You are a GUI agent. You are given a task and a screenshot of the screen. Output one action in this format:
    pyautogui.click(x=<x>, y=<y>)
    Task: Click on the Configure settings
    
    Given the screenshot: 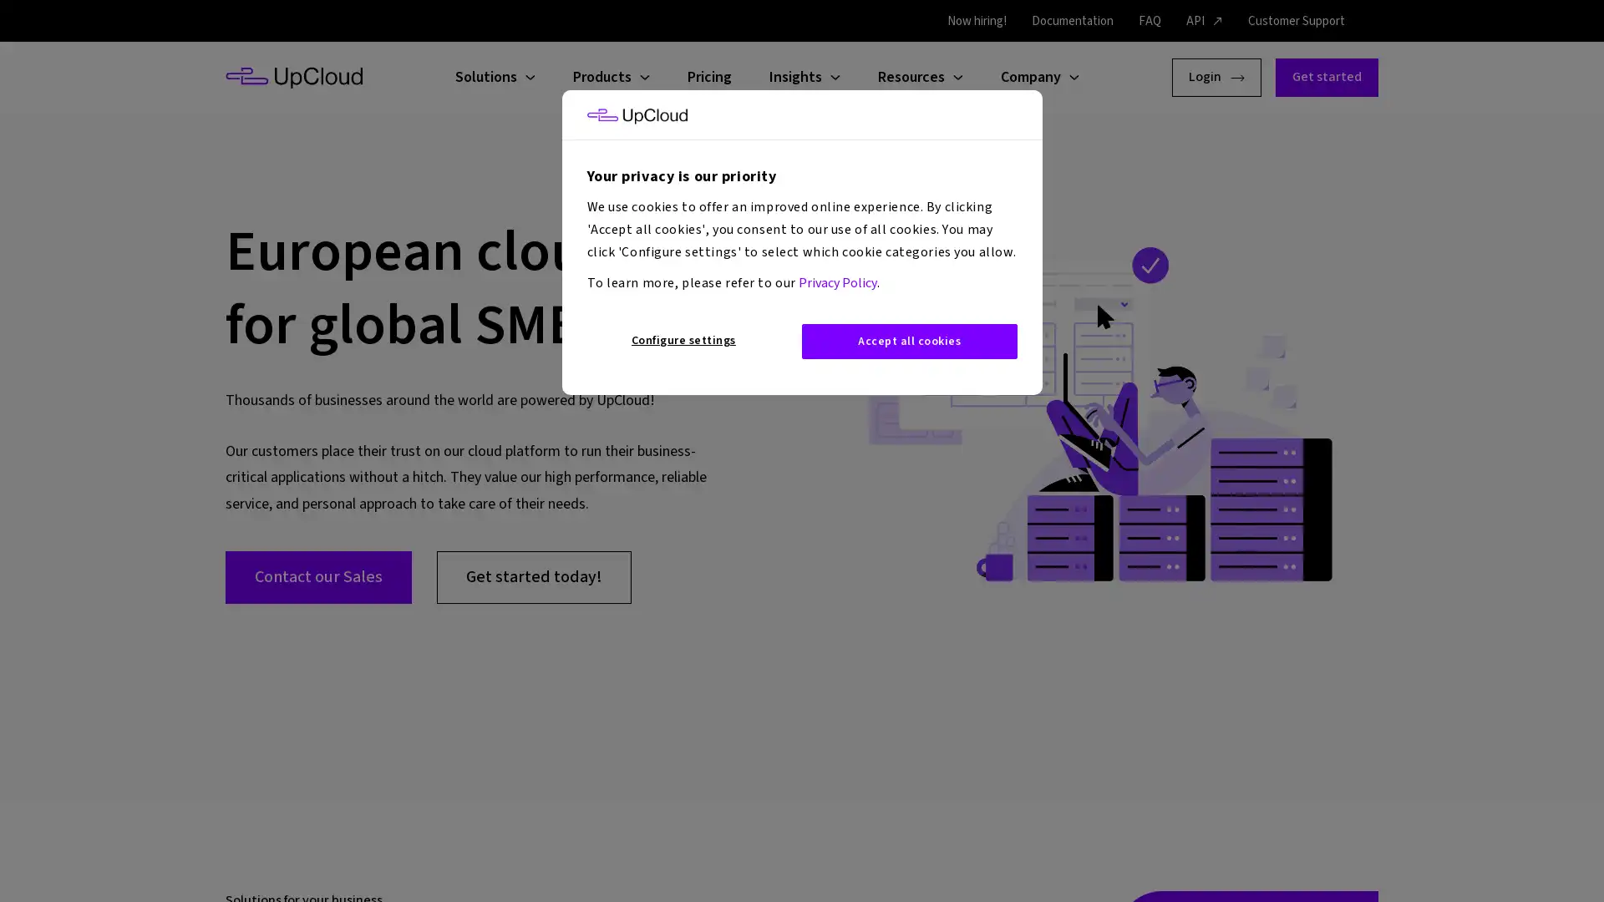 What is the action you would take?
    pyautogui.click(x=683, y=340)
    